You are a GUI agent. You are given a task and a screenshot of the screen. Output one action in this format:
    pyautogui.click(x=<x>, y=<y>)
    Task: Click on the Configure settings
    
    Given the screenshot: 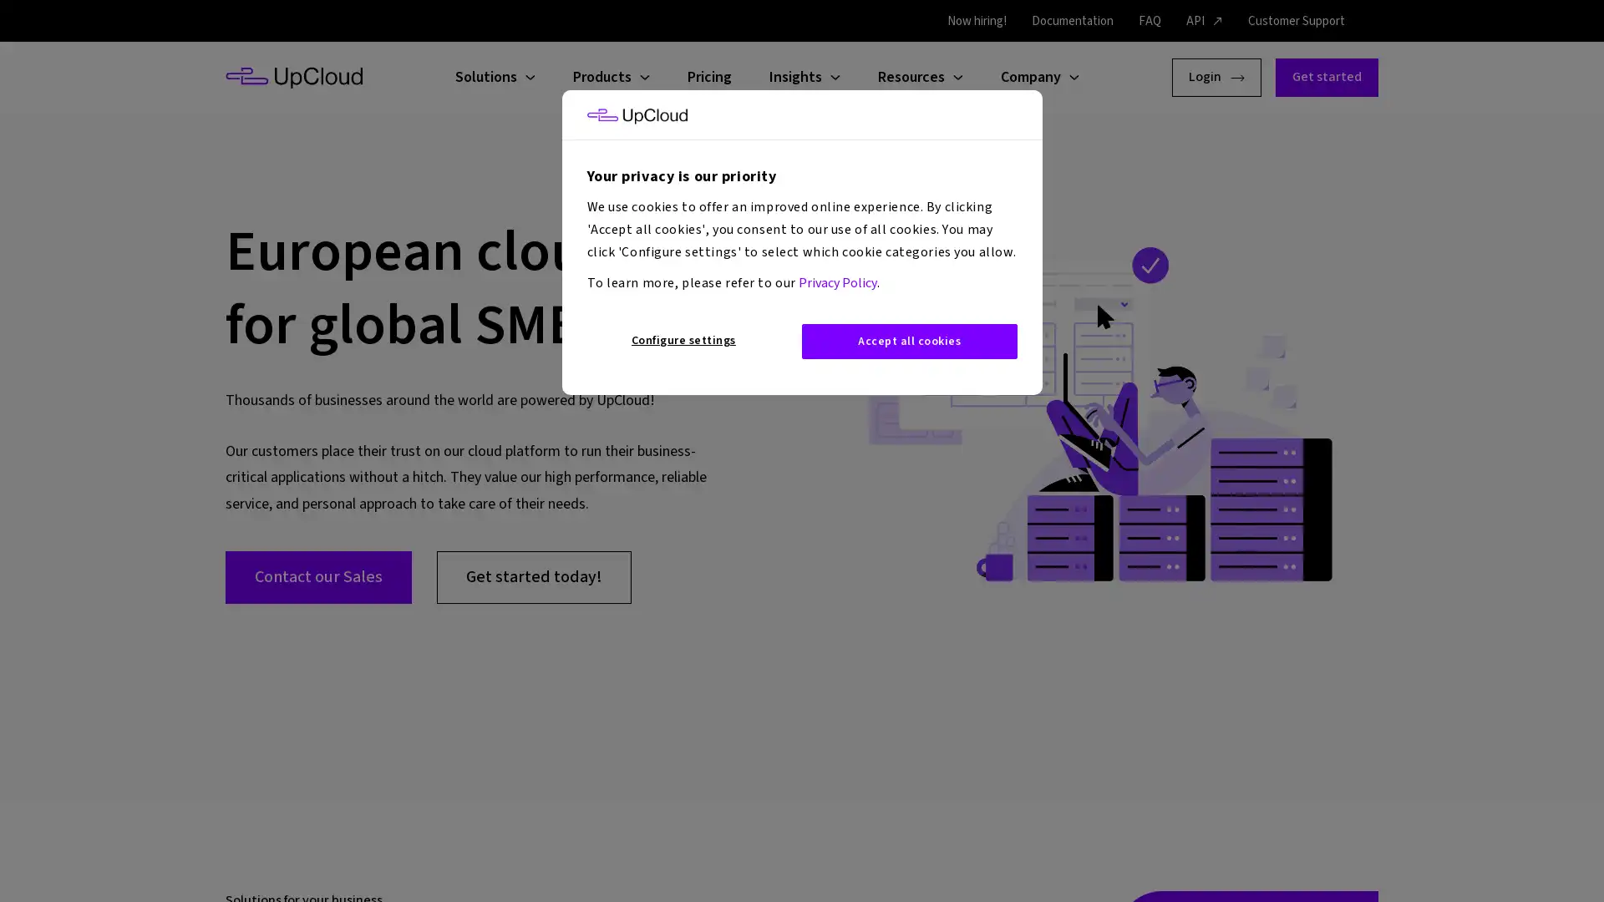 What is the action you would take?
    pyautogui.click(x=683, y=340)
    